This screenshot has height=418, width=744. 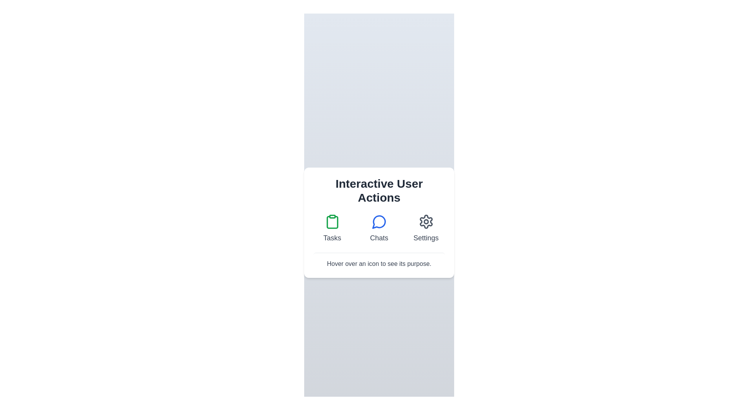 I want to click on the cog-shaped icon in dark gray located in the 'Interactive User Actions' section, so click(x=425, y=221).